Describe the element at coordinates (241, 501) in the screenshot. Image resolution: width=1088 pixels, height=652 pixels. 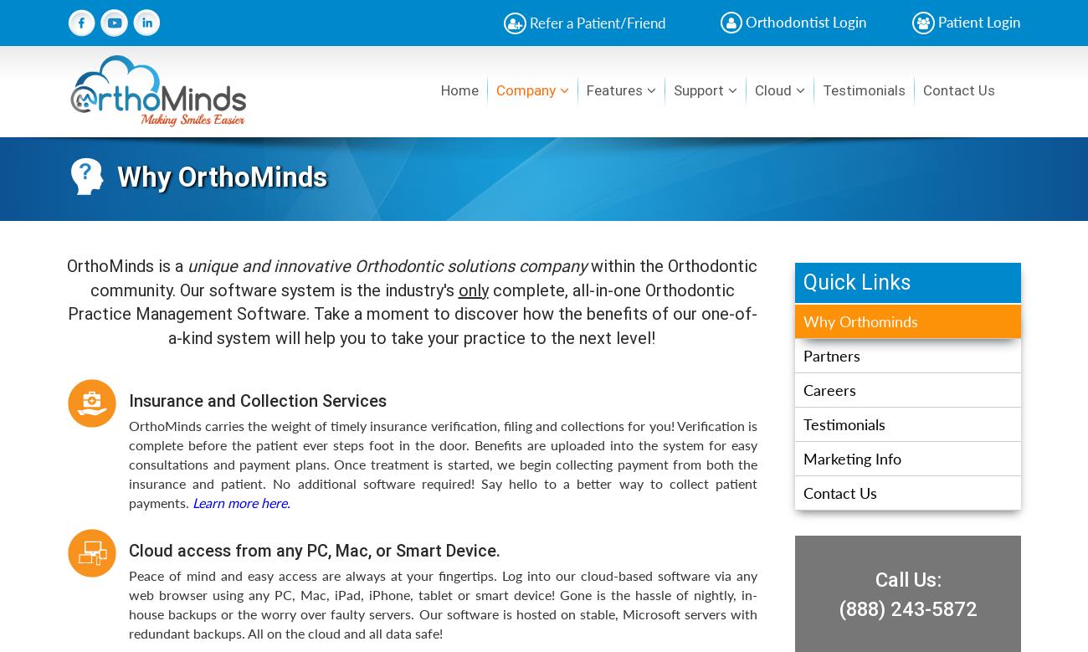
I see `'Learn more here.'` at that location.